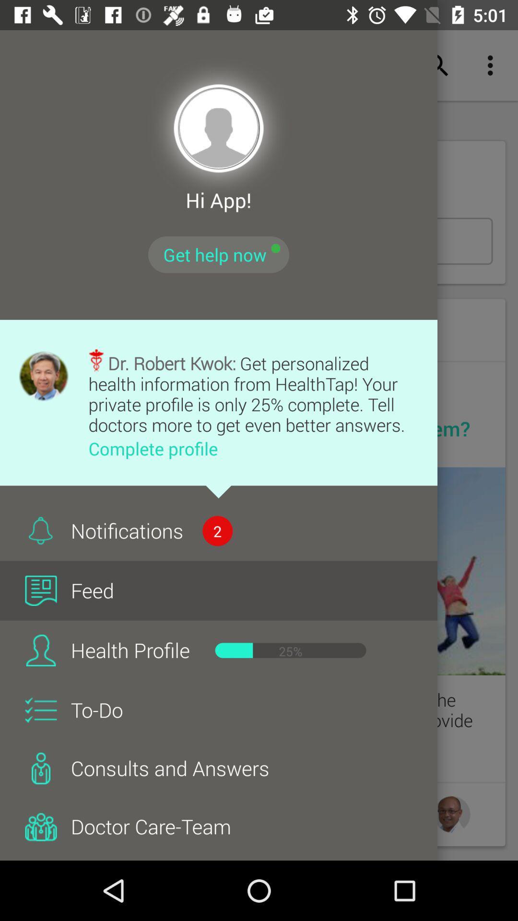 The image size is (518, 921). What do you see at coordinates (40, 650) in the screenshot?
I see `the feeds option select below health profile icon` at bounding box center [40, 650].